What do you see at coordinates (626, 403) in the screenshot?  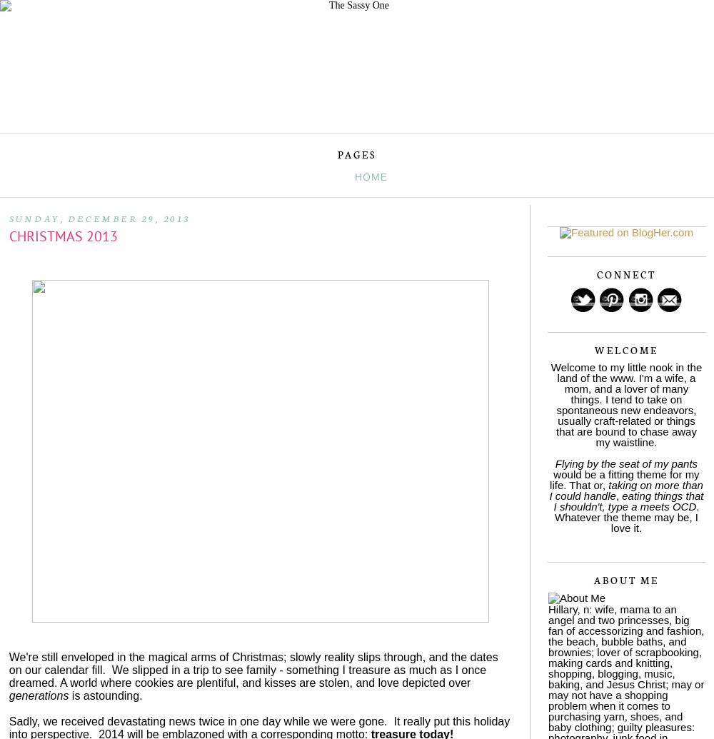 I see `'Welcome to my little nook in the land of the www. I'm a wife, a mom, and a lover of many things. I tend to take on spontaneous new endeavors, usually craft-related or things that are bound to chase away my waistline.'` at bounding box center [626, 403].